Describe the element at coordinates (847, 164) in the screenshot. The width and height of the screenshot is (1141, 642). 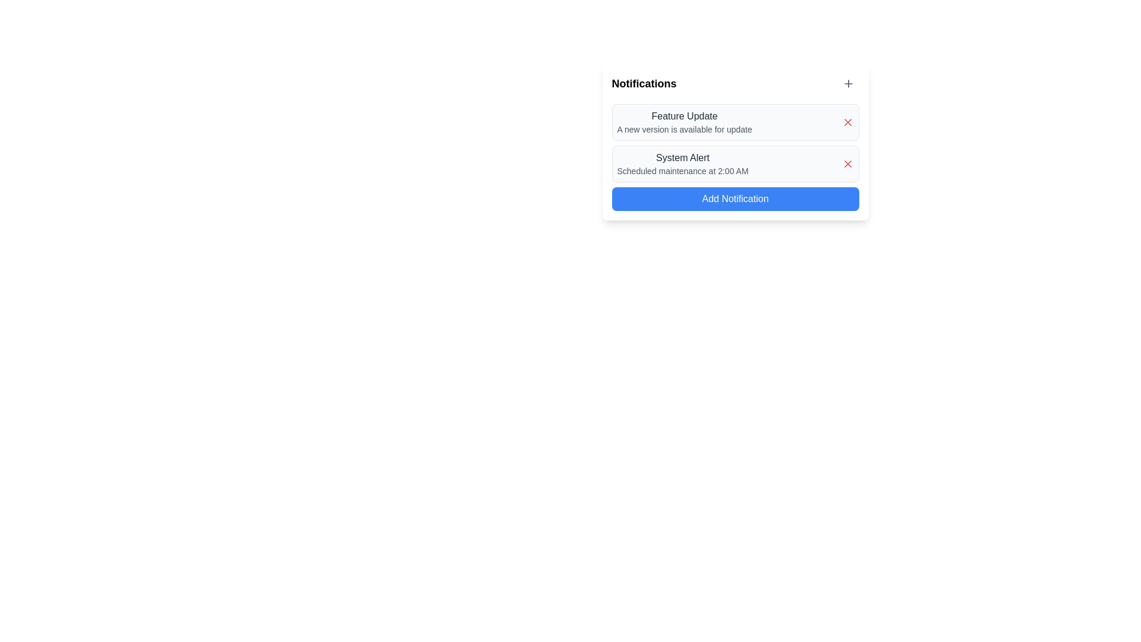
I see `the icon button located at the top-right corner of the 'System Alert' notification card` at that location.